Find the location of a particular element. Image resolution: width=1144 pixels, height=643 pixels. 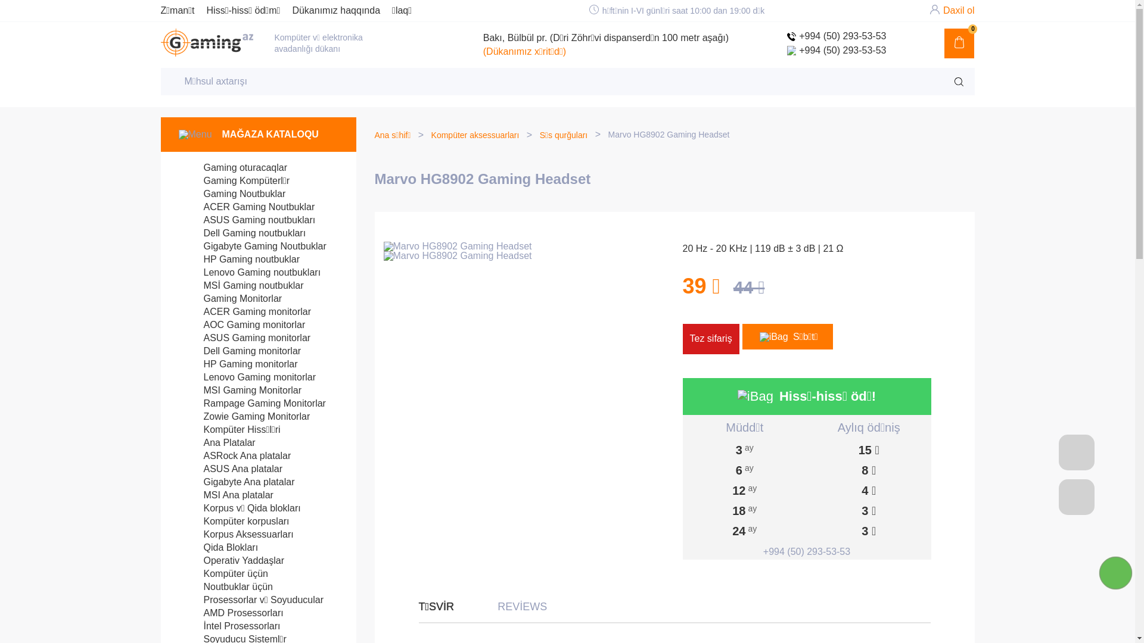

'Lenovo Gaming monitorlar' is located at coordinates (247, 377).